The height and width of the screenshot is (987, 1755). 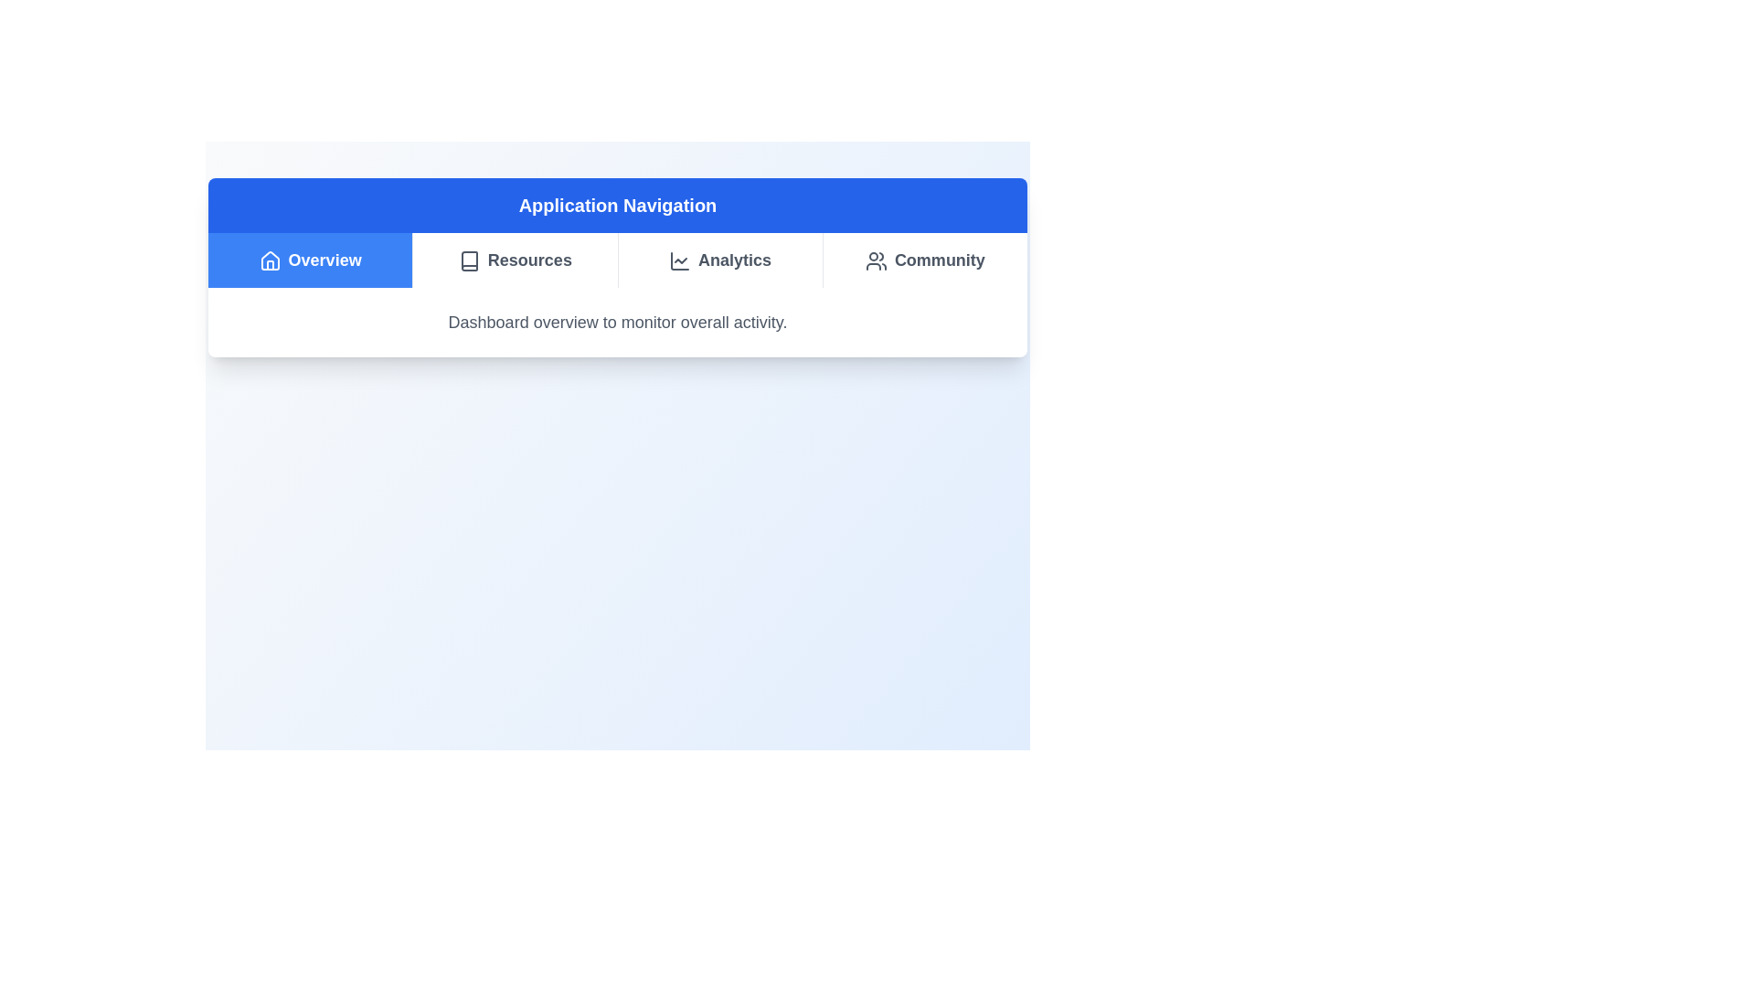 I want to click on the tab item corresponding to Community, so click(x=924, y=260).